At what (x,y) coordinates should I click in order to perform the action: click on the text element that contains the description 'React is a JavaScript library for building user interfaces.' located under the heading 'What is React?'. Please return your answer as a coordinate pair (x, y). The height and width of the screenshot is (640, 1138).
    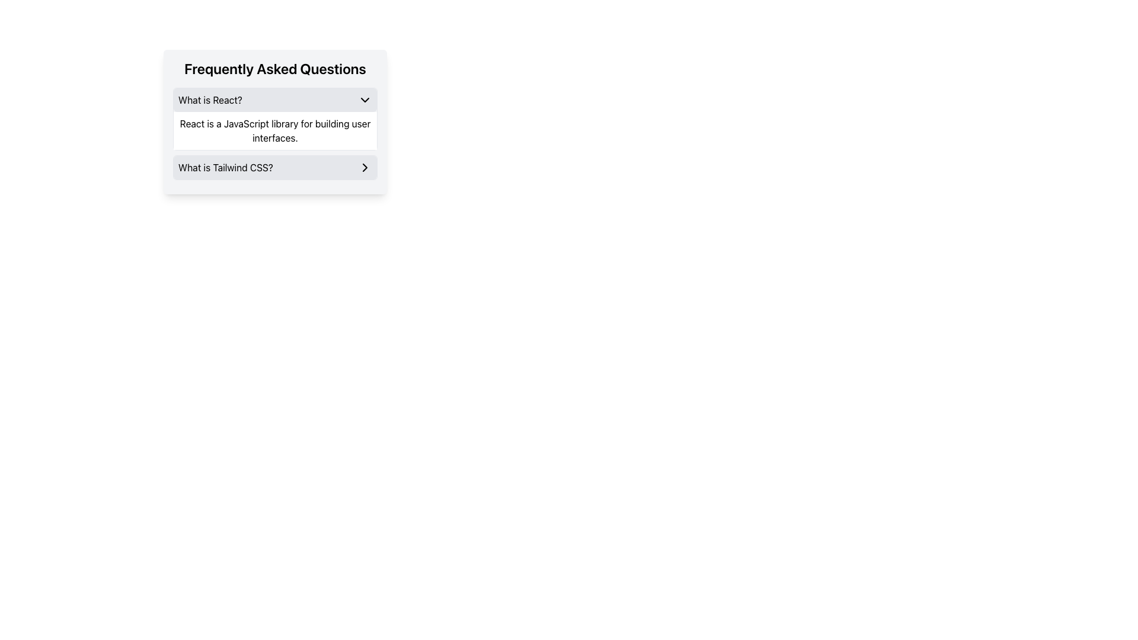
    Looking at the image, I should click on (274, 130).